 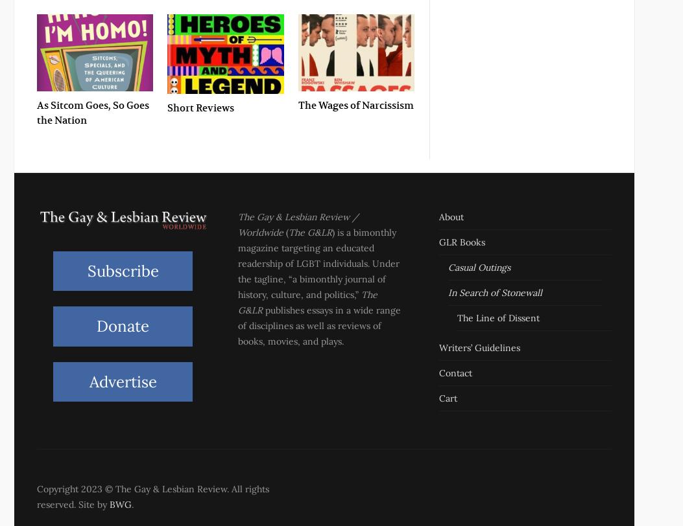 I want to click on 'The Gay & Lesbian Review / Worldwide', so click(x=237, y=224).